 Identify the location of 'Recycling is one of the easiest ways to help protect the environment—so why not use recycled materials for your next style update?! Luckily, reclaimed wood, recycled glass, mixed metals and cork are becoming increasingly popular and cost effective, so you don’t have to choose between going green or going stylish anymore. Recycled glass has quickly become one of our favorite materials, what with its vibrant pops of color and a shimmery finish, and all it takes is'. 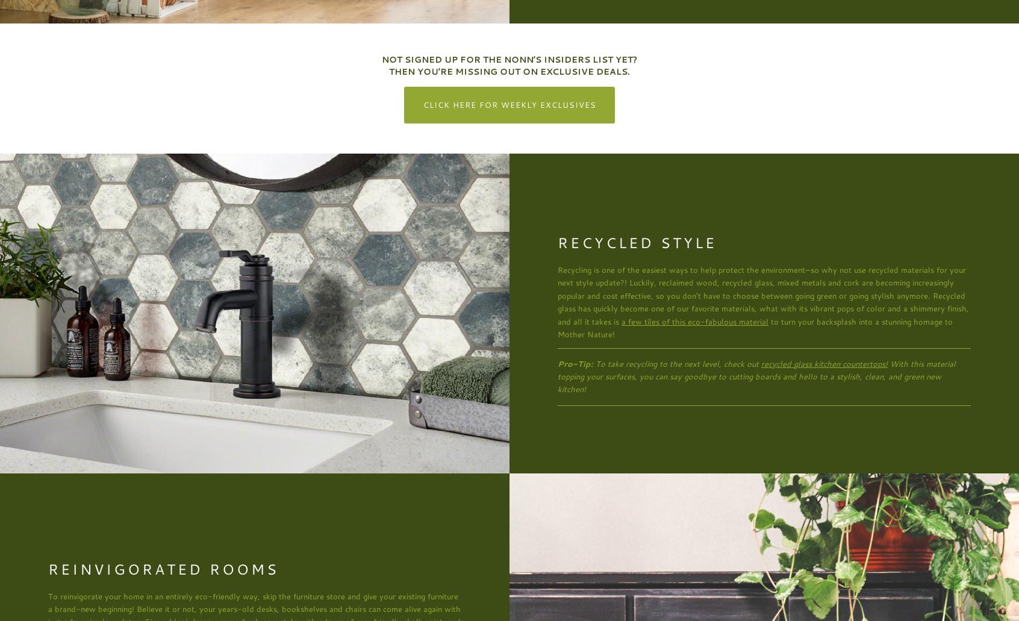
(763, 295).